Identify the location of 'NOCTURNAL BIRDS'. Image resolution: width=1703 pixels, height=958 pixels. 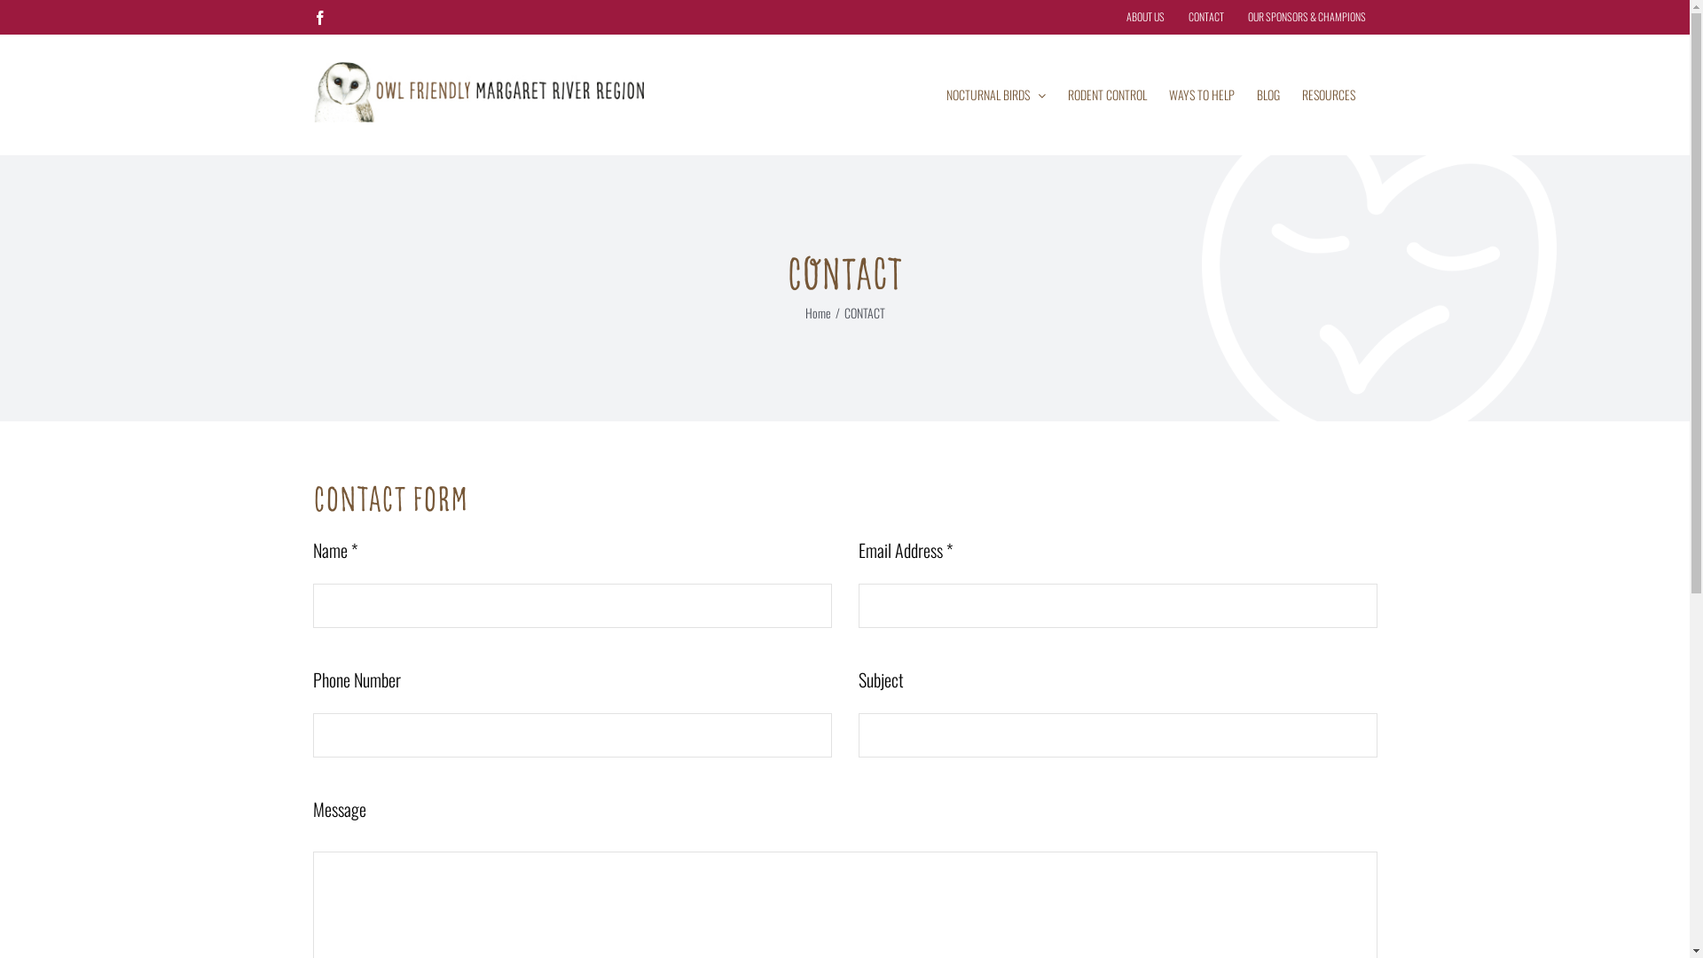
(944, 94).